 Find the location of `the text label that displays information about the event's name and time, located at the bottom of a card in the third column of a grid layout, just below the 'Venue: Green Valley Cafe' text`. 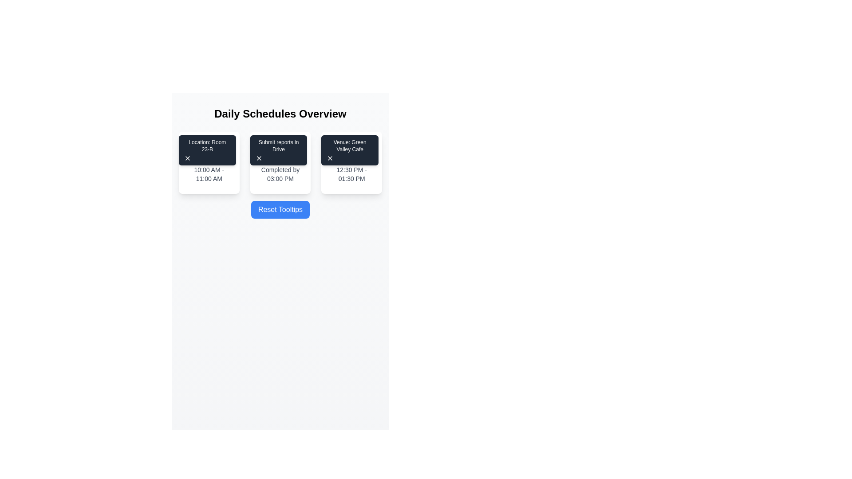

the text label that displays information about the event's name and time, located at the bottom of a card in the third column of a grid layout, just below the 'Venue: Green Valley Cafe' text is located at coordinates (351, 162).